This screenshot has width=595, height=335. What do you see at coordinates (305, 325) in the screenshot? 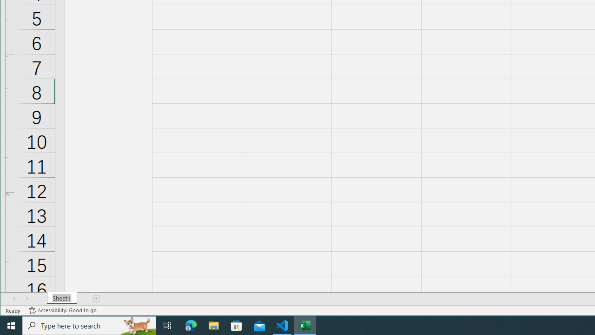
I see `'Excel - 1 running window'` at bounding box center [305, 325].